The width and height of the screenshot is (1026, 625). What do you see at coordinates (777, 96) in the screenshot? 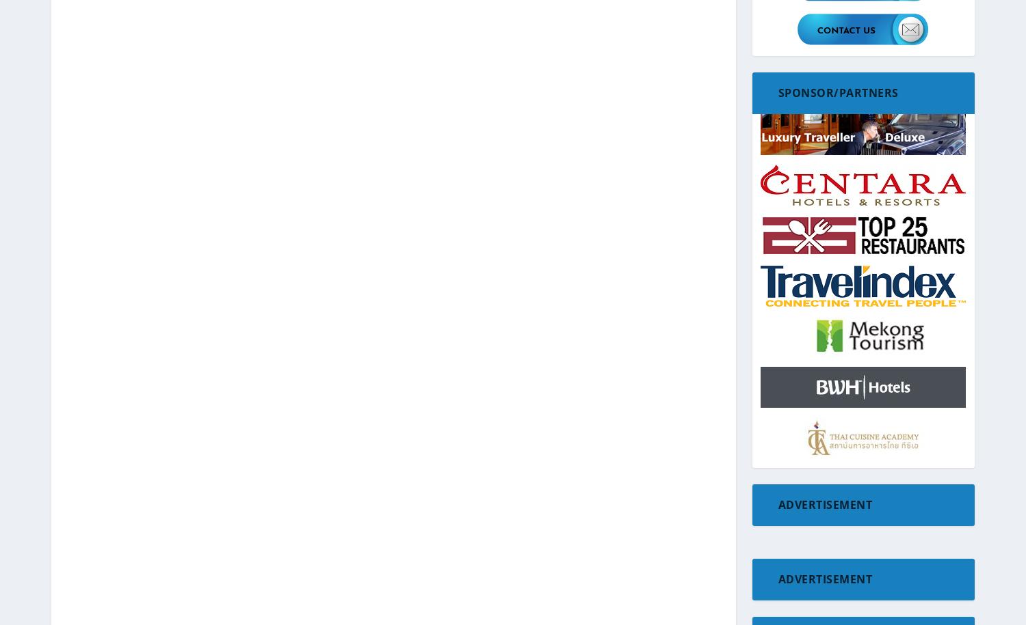
I see `'Europe'` at bounding box center [777, 96].